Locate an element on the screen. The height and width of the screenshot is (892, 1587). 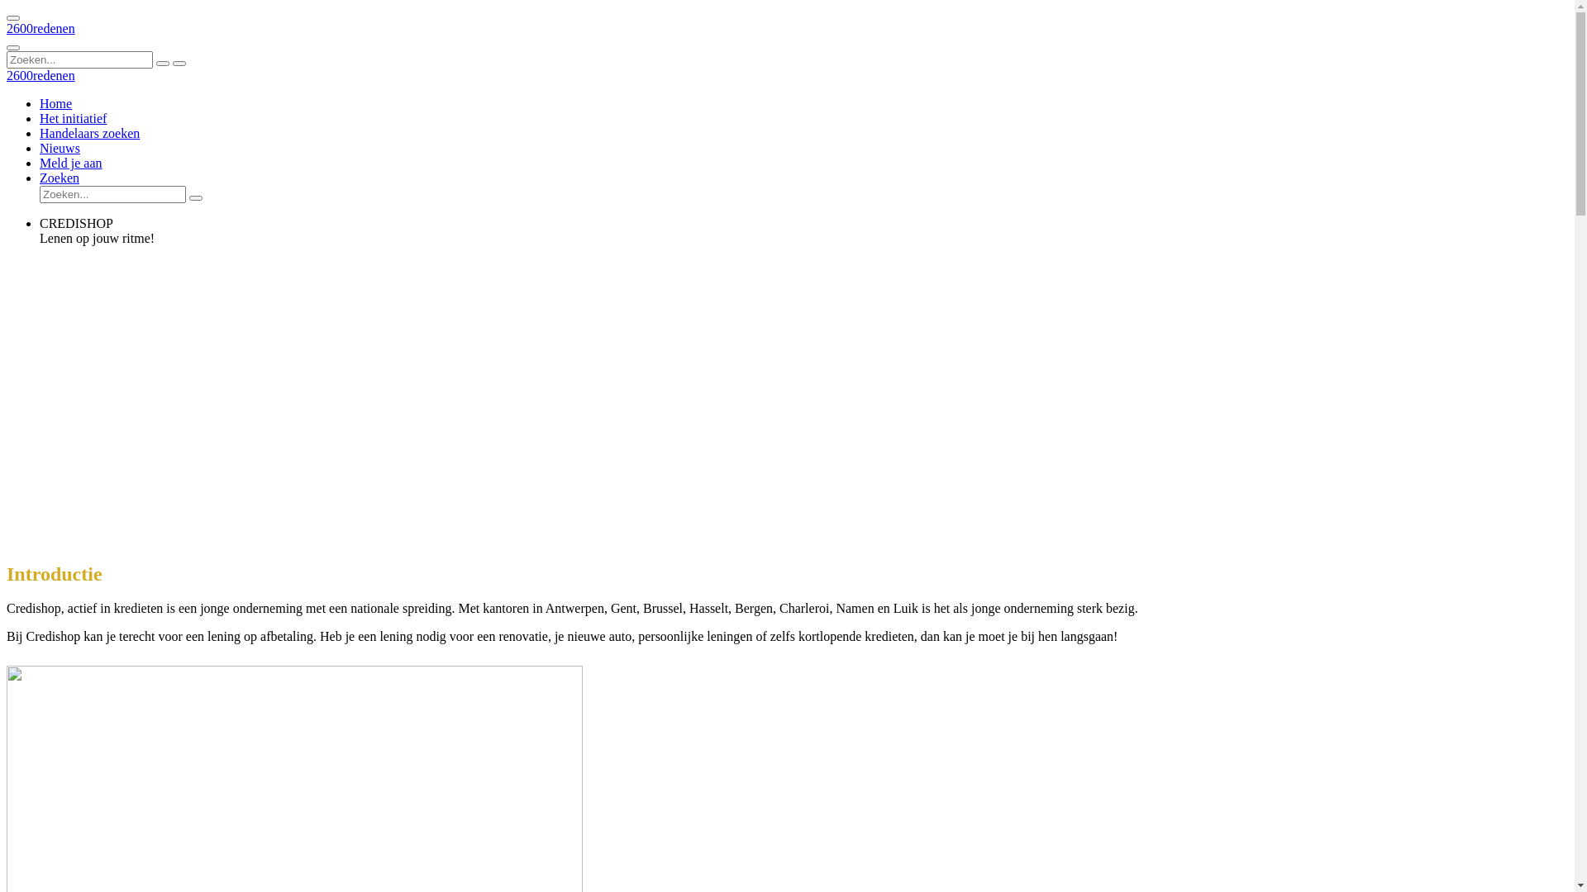
'2600redenen' is located at coordinates (41, 28).